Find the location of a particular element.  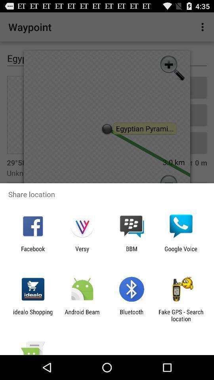

the fake gps search item is located at coordinates (181, 315).